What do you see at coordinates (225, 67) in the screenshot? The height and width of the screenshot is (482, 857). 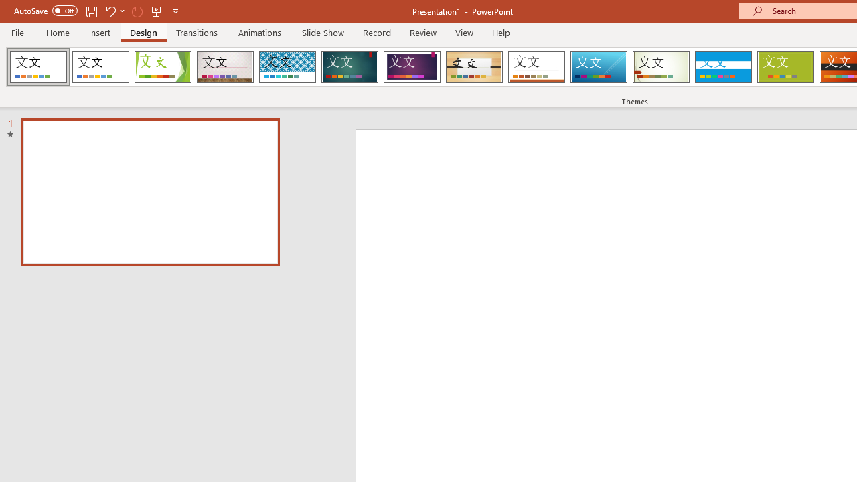 I see `'Gallery Loading Preview...'` at bounding box center [225, 67].